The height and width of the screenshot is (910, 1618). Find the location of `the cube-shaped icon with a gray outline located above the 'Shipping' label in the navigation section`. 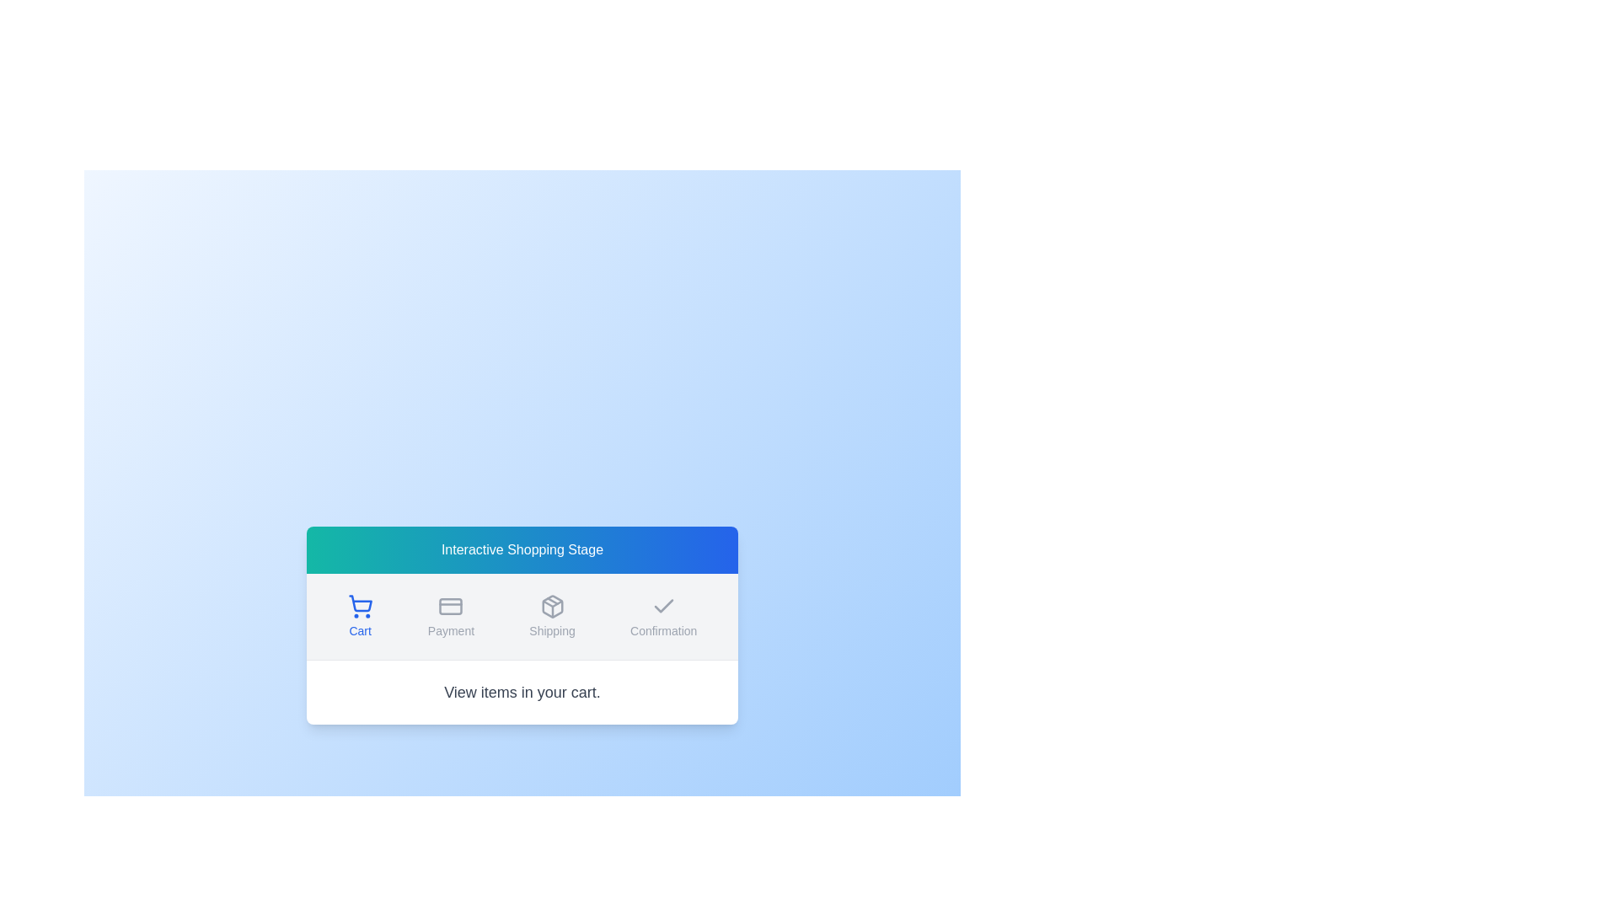

the cube-shaped icon with a gray outline located above the 'Shipping' label in the navigation section is located at coordinates (552, 605).